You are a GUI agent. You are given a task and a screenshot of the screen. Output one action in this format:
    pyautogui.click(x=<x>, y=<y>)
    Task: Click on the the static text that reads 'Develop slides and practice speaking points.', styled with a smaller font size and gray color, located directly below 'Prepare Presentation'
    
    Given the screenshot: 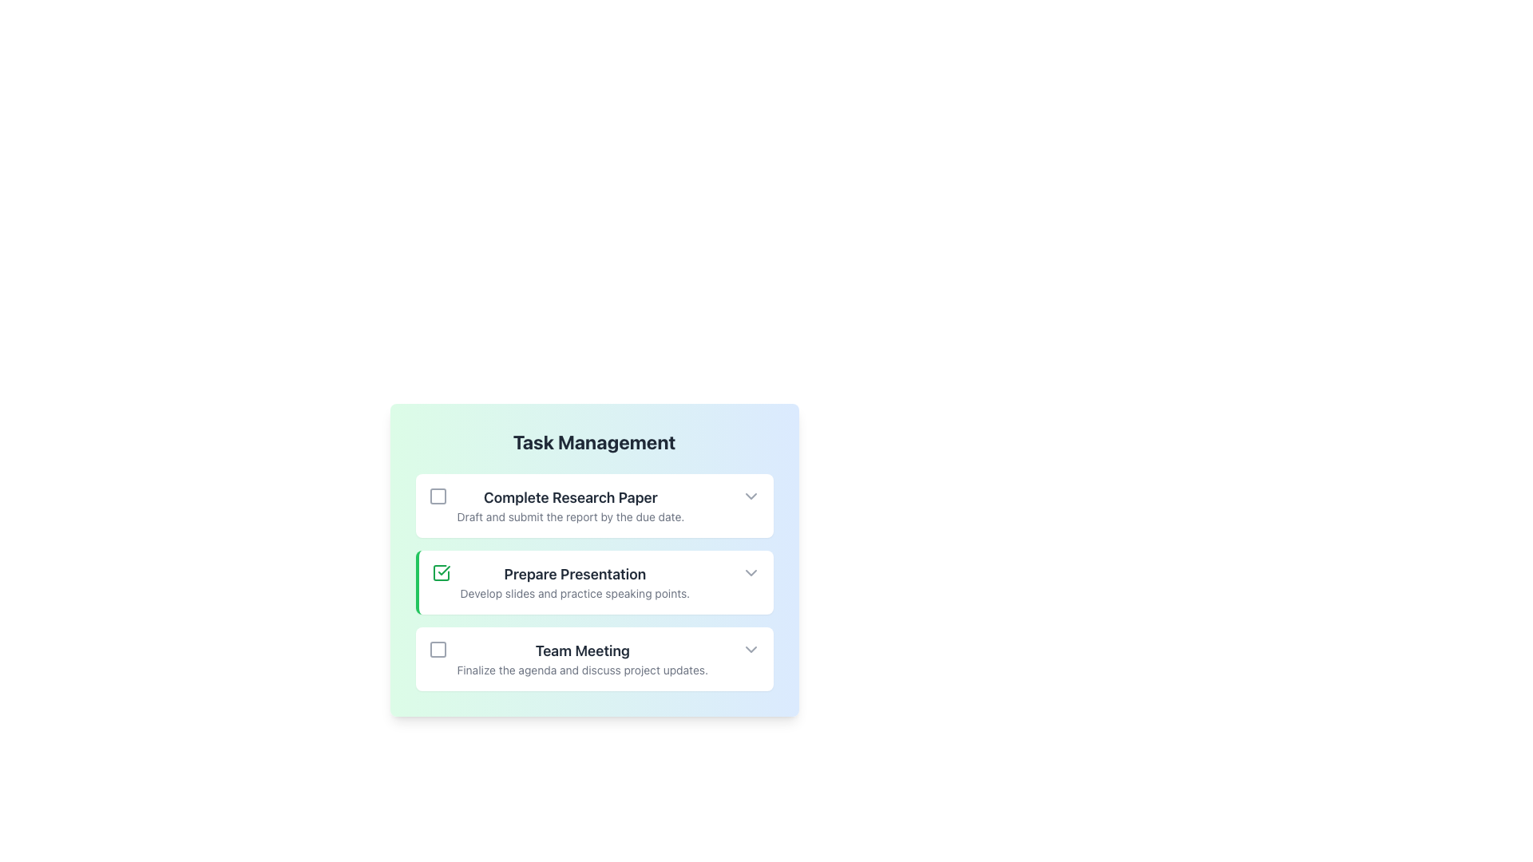 What is the action you would take?
    pyautogui.click(x=575, y=594)
    